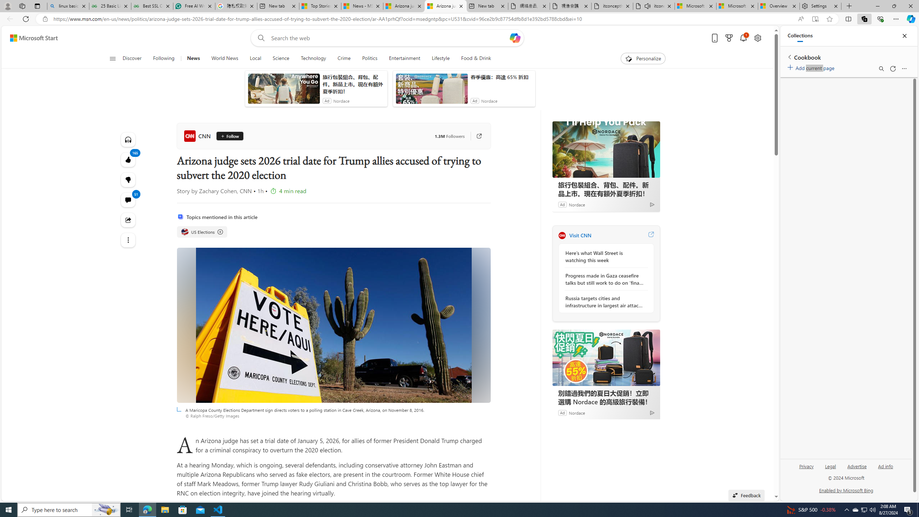  Describe the element at coordinates (127, 159) in the screenshot. I see `'165 Like'` at that location.